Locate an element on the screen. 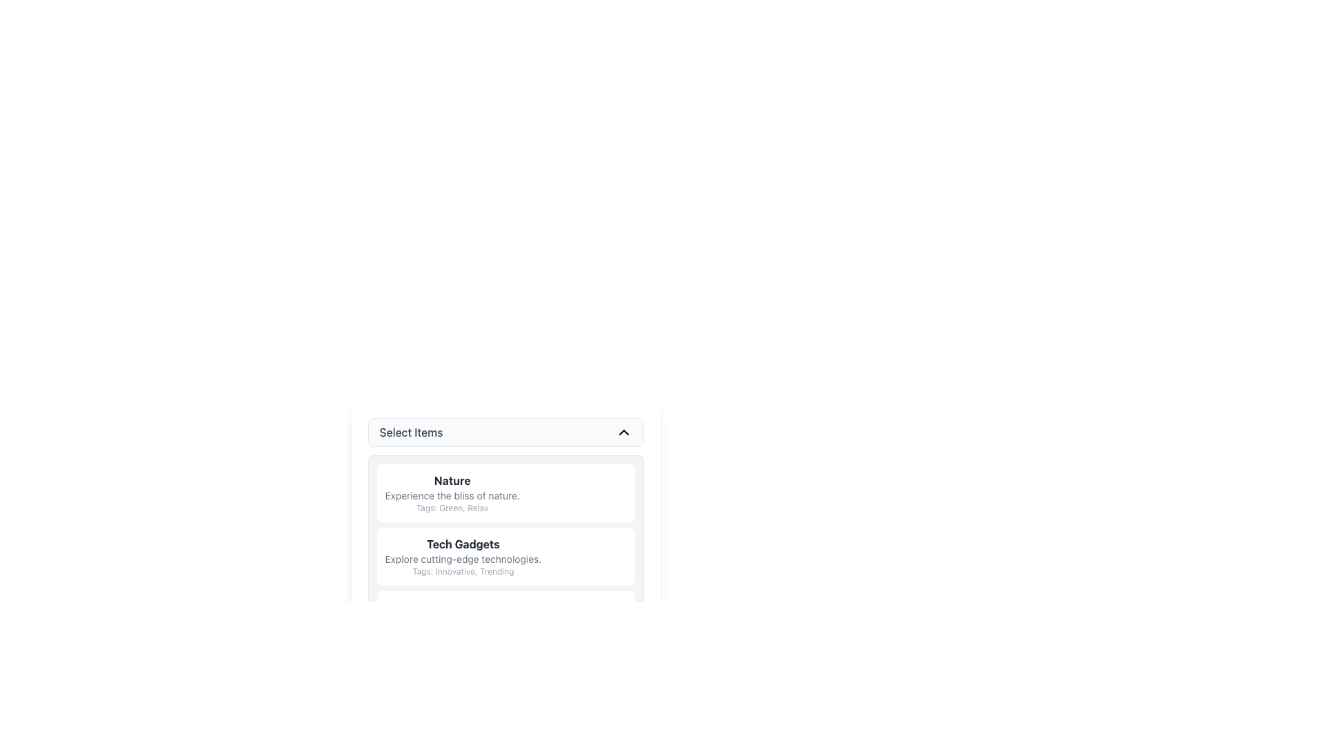  the static text element that reads 'Explore cutting-edge technologies.' This text is styled with a small font size and gray color, positioned below 'Tech Gadgets' and above 'Tags: Innovative, Trending.' is located at coordinates (463, 559).